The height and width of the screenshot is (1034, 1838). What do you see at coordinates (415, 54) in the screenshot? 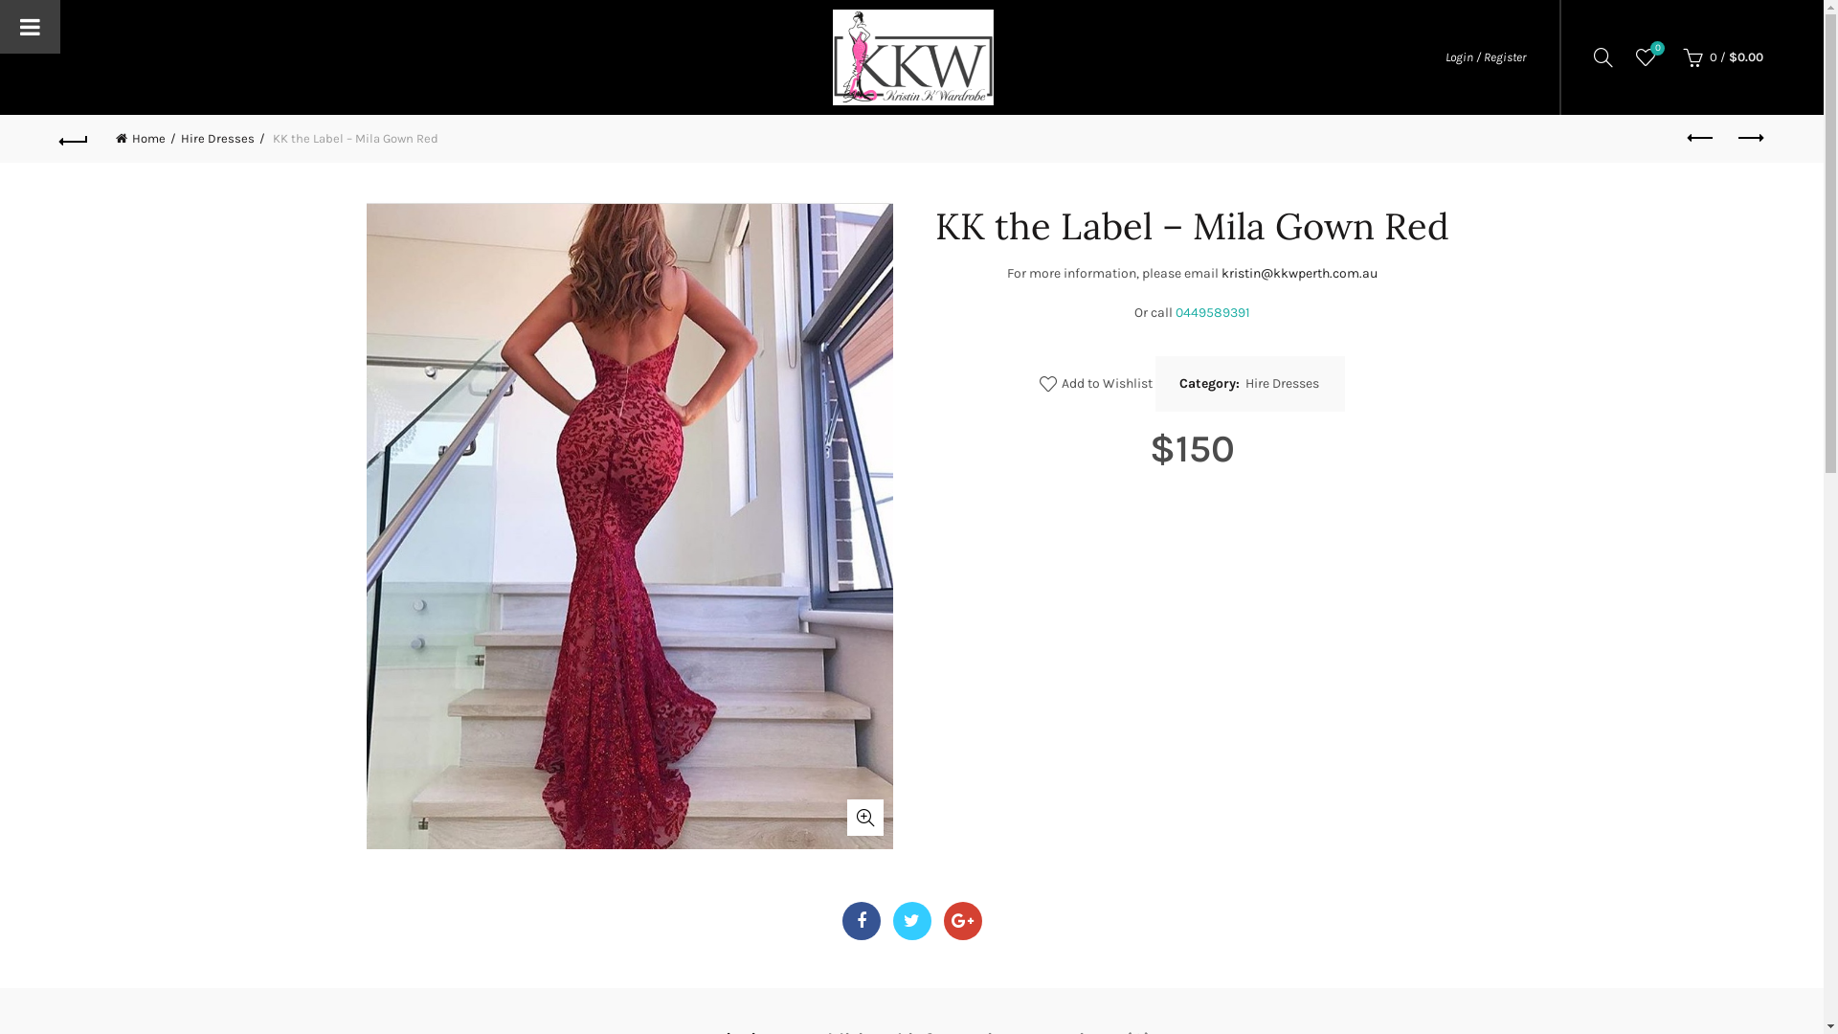
I see `'navigation menu here'` at bounding box center [415, 54].